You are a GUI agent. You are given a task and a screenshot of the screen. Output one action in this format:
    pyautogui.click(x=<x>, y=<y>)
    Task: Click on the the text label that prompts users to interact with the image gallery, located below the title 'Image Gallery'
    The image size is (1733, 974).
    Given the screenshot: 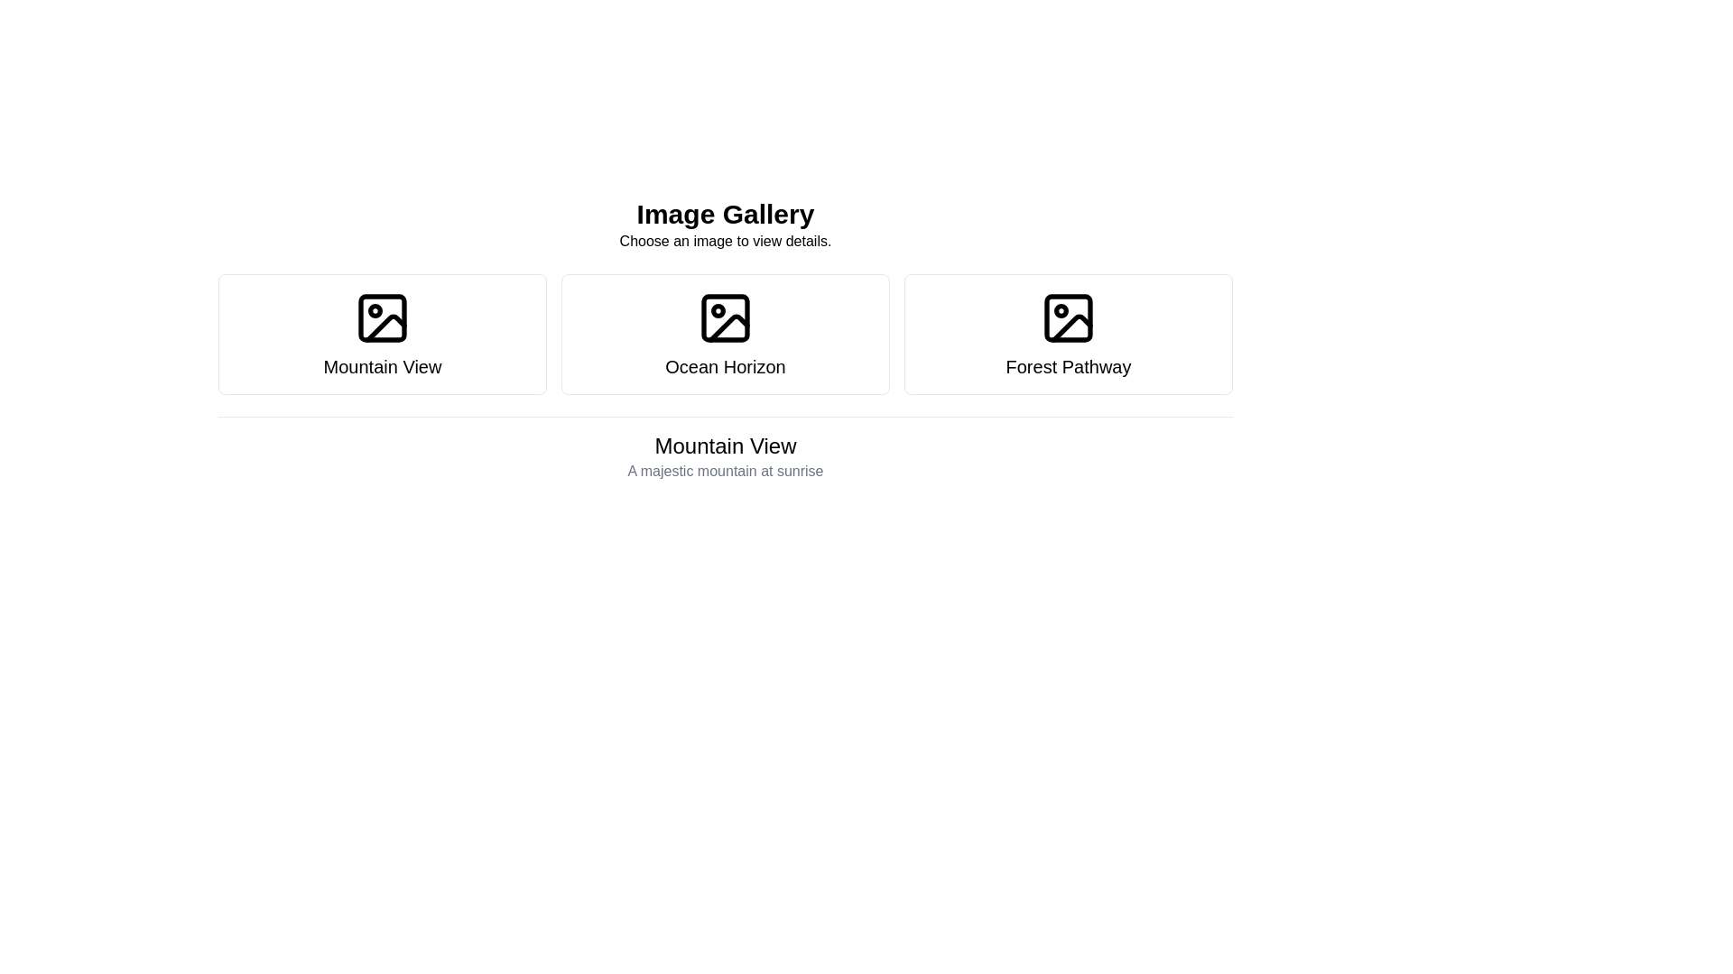 What is the action you would take?
    pyautogui.click(x=726, y=240)
    